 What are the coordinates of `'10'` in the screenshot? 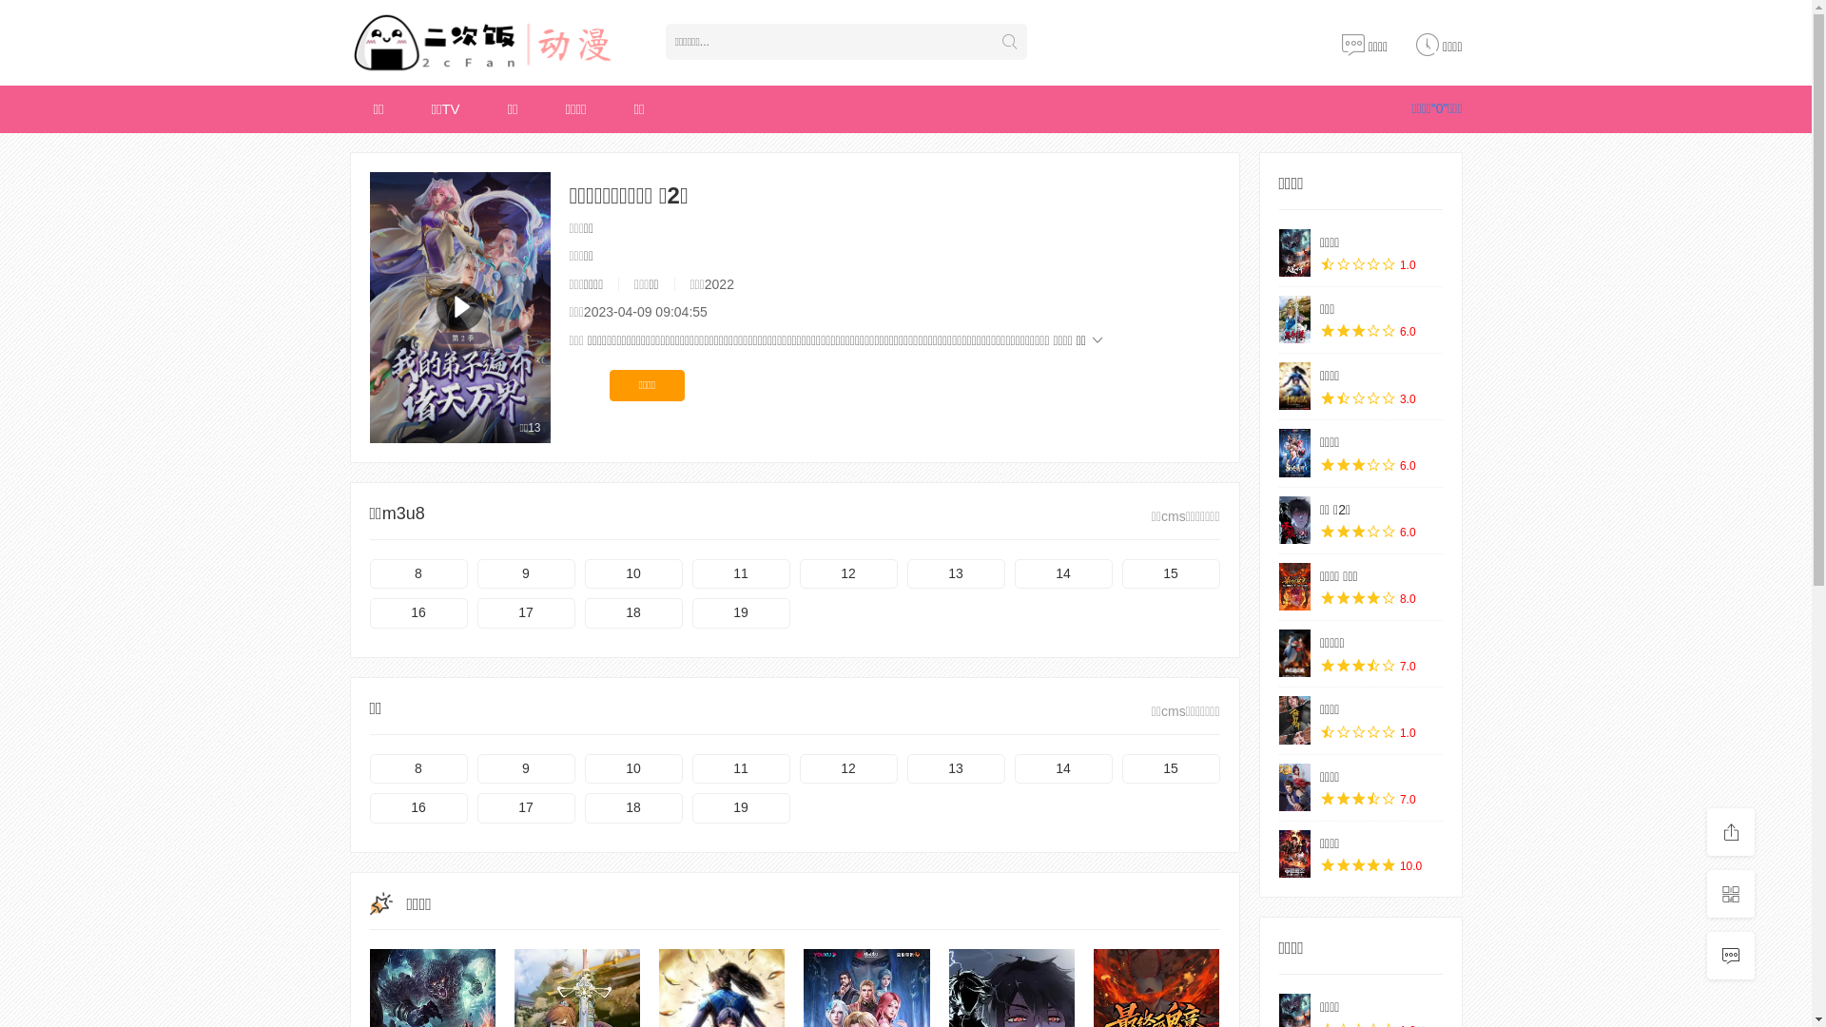 It's located at (632, 573).